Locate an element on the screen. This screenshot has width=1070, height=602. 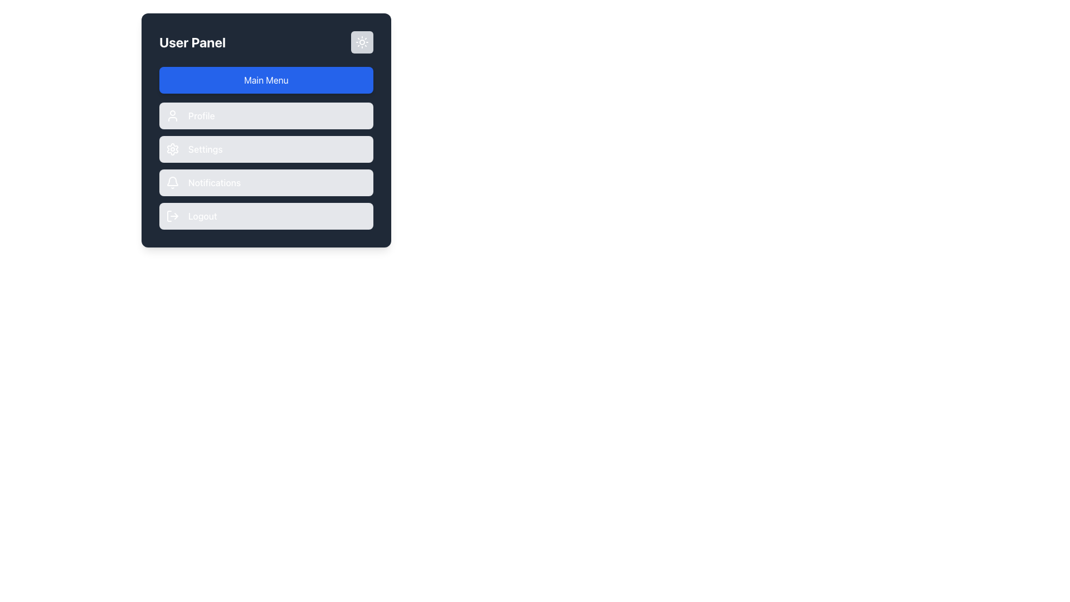
the 'Settings' button located below the 'Main Menu' and above the 'Notifications' option in the User Panel is located at coordinates (266, 130).